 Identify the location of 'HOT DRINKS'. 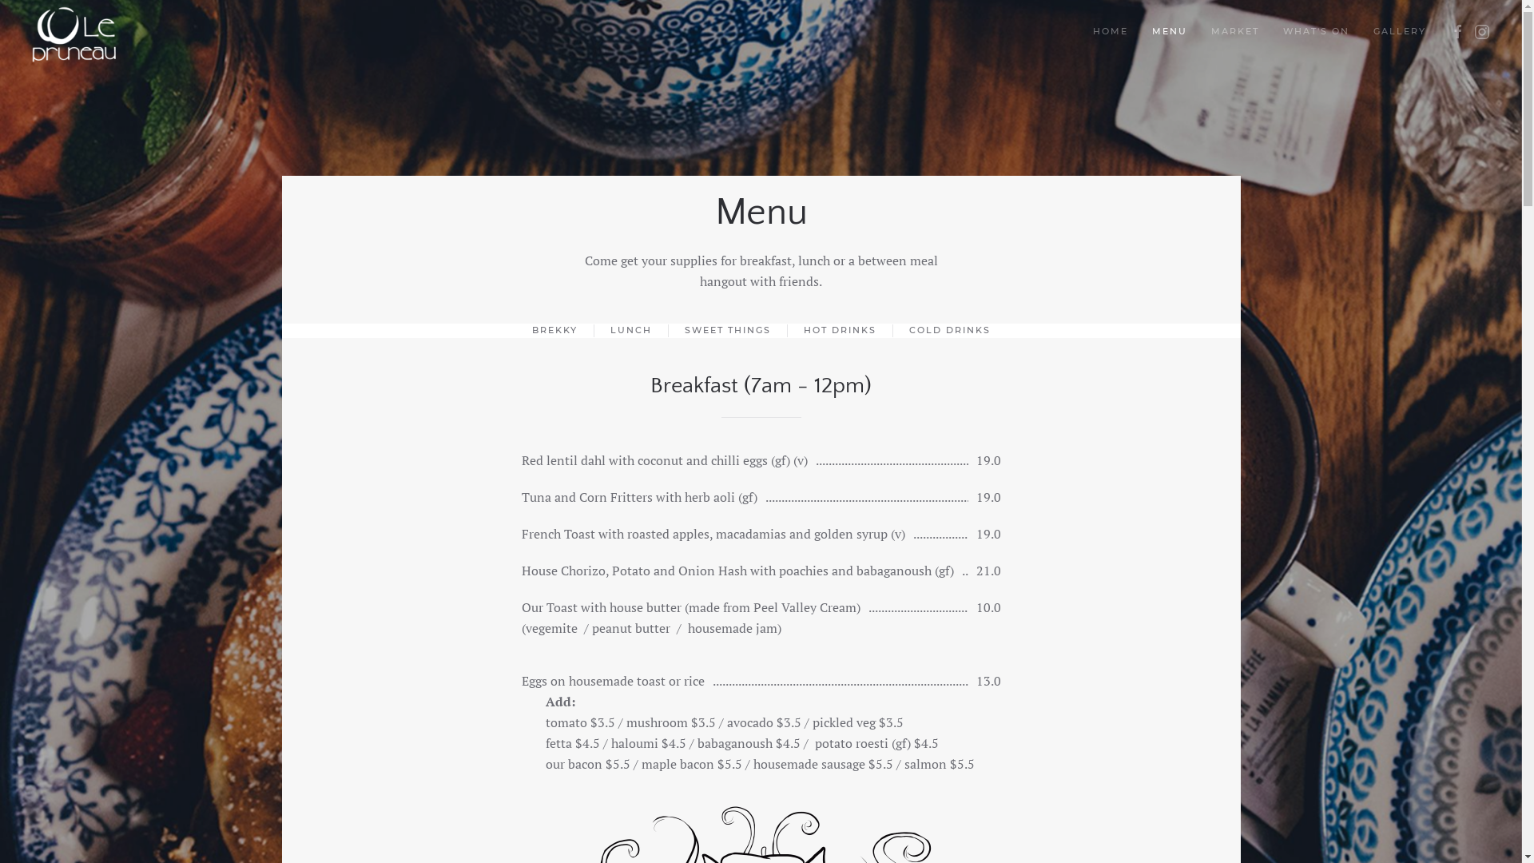
(839, 329).